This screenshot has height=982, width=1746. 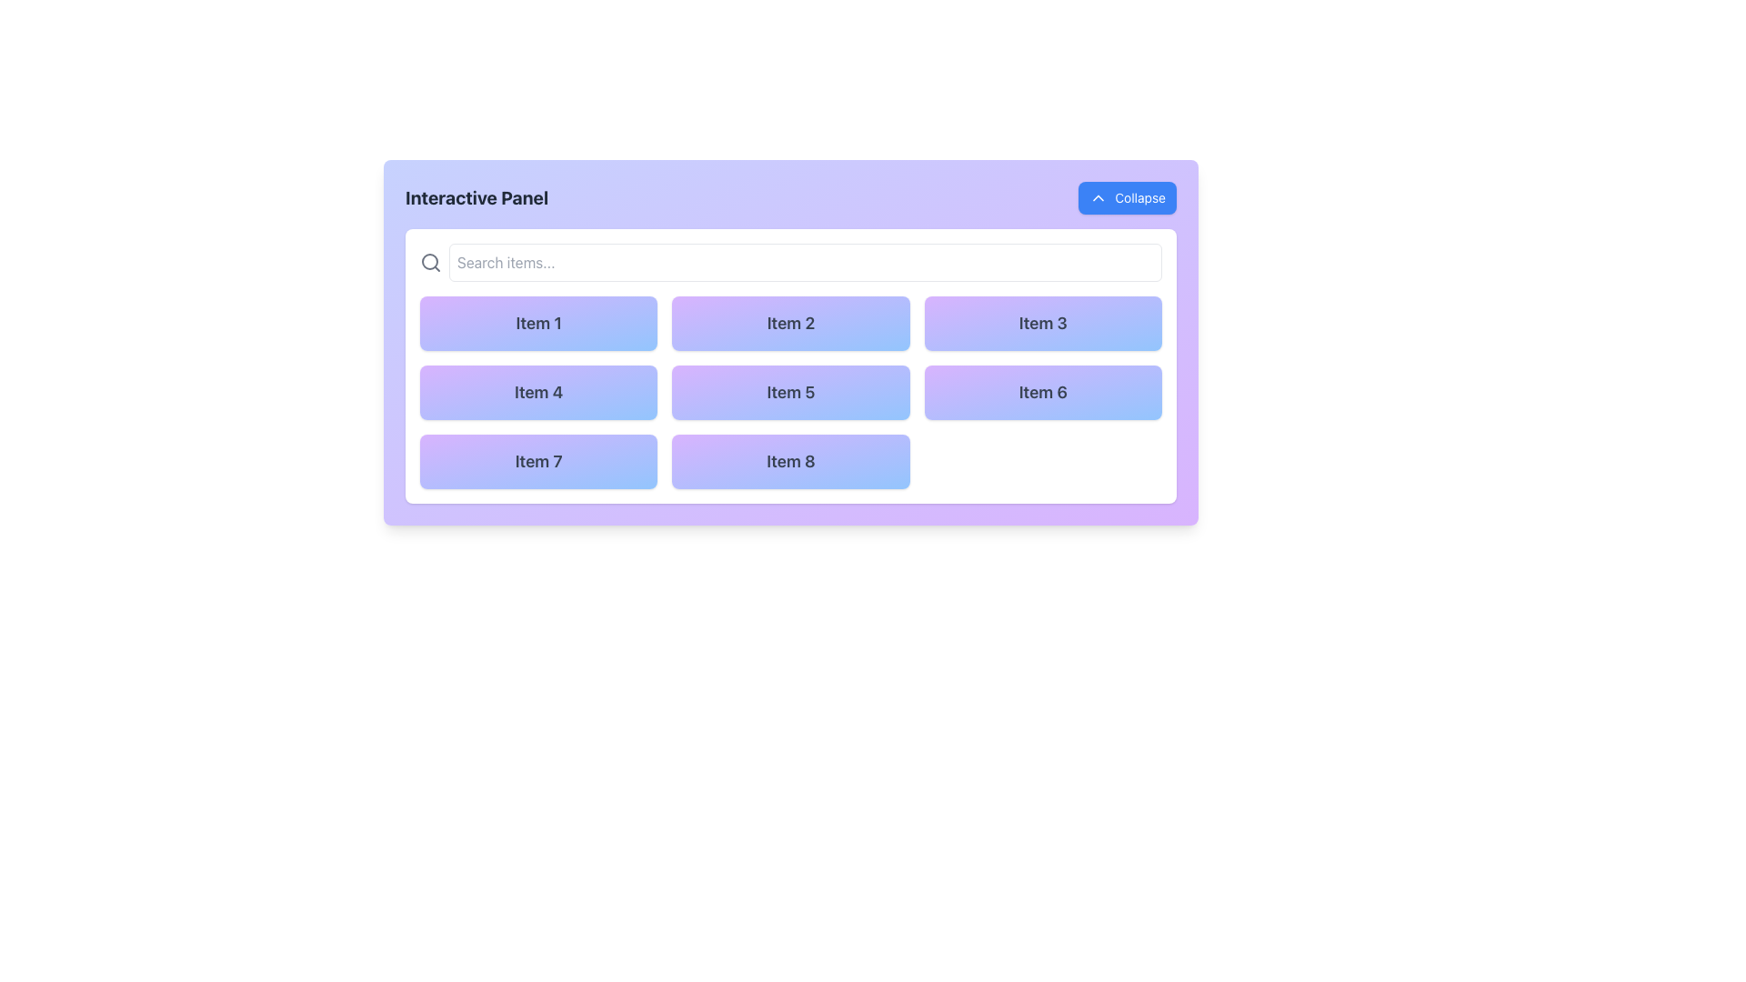 I want to click on the Display card element with a gradient background and centered text 'Item 7' located at the bottom-left corner of the grid, so click(x=537, y=461).